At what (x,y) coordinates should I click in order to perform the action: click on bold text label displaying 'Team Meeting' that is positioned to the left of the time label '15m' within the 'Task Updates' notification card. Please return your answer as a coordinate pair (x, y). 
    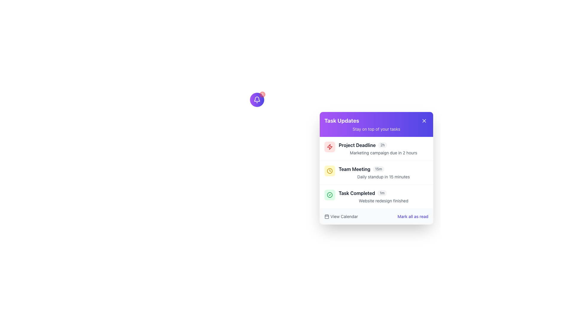
    Looking at the image, I should click on (354, 169).